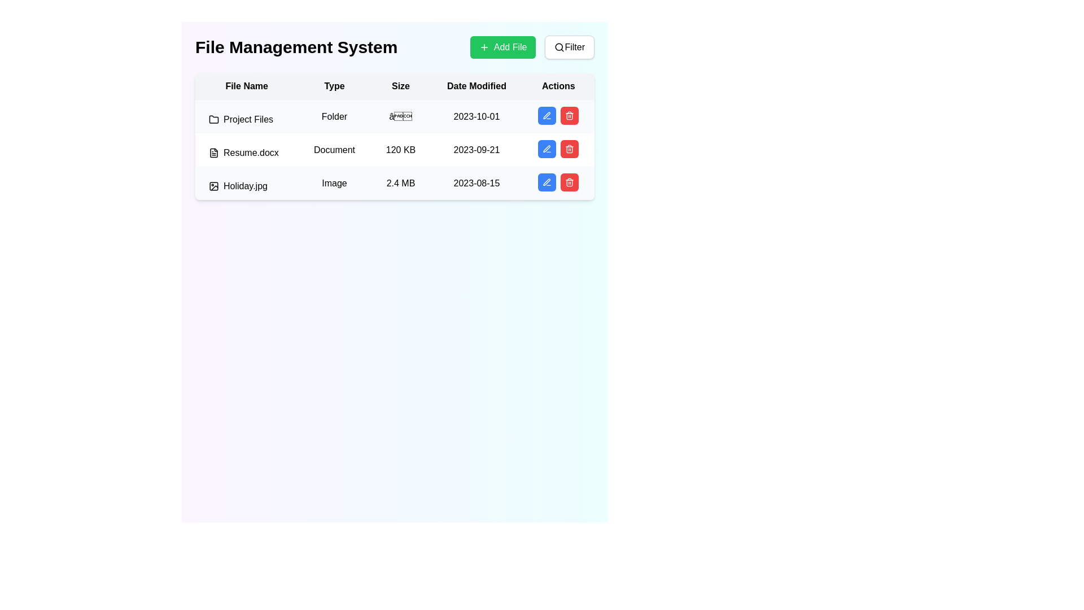 Image resolution: width=1084 pixels, height=610 pixels. I want to click on the edit icon for the 'Resume.docx' entry, so click(547, 148).